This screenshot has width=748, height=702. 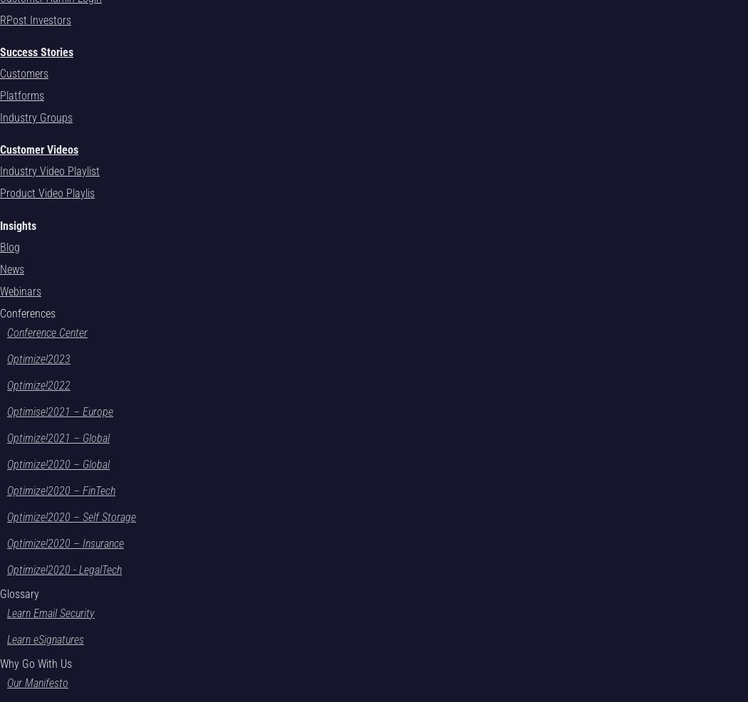 What do you see at coordinates (6, 515) in the screenshot?
I see `'Optimize!2020 – Self Storage'` at bounding box center [6, 515].